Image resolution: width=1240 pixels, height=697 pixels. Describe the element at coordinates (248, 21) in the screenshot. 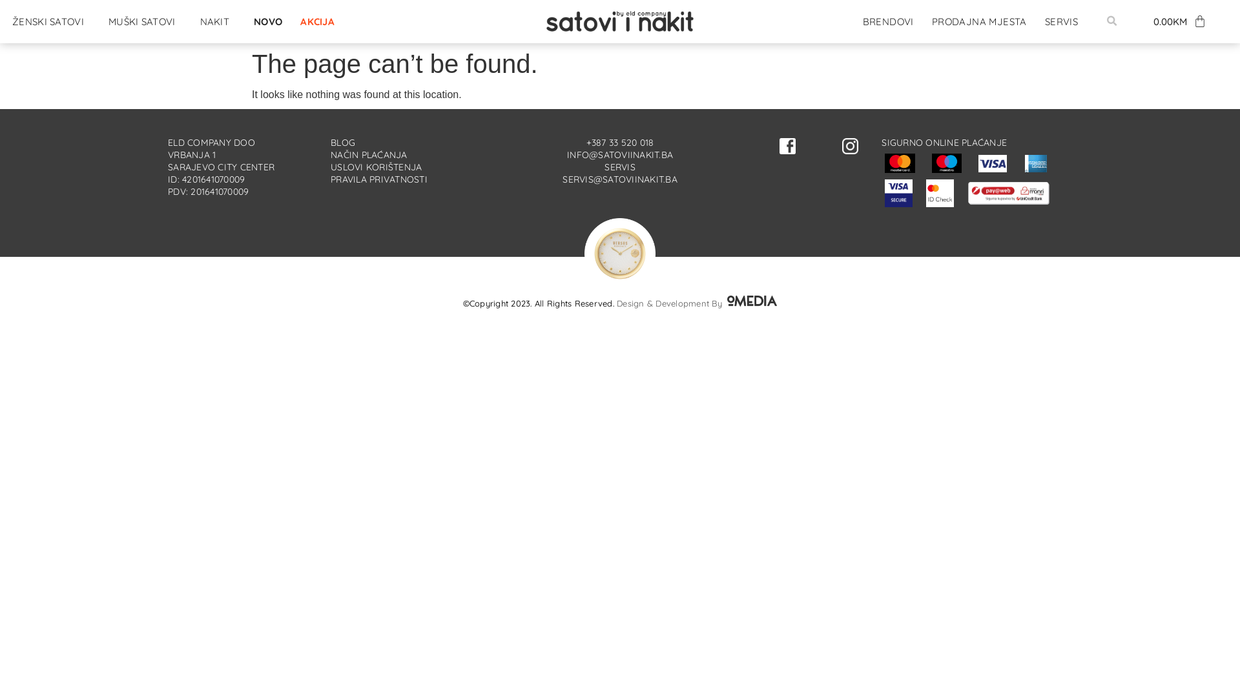

I see `'NOVO'` at that location.